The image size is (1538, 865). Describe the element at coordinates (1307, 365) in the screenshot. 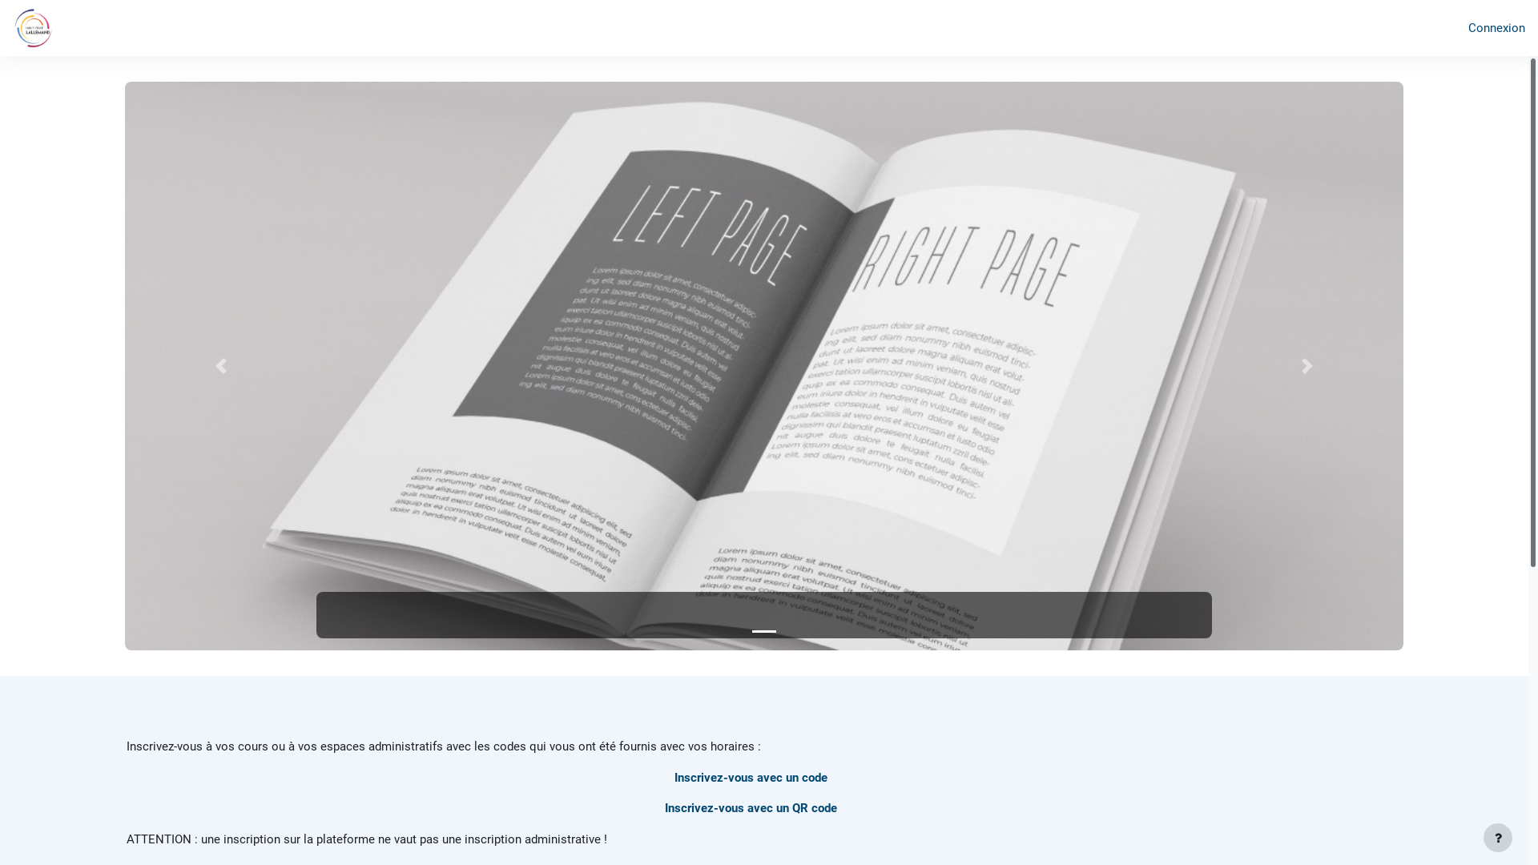

I see `'Suivant'` at that location.